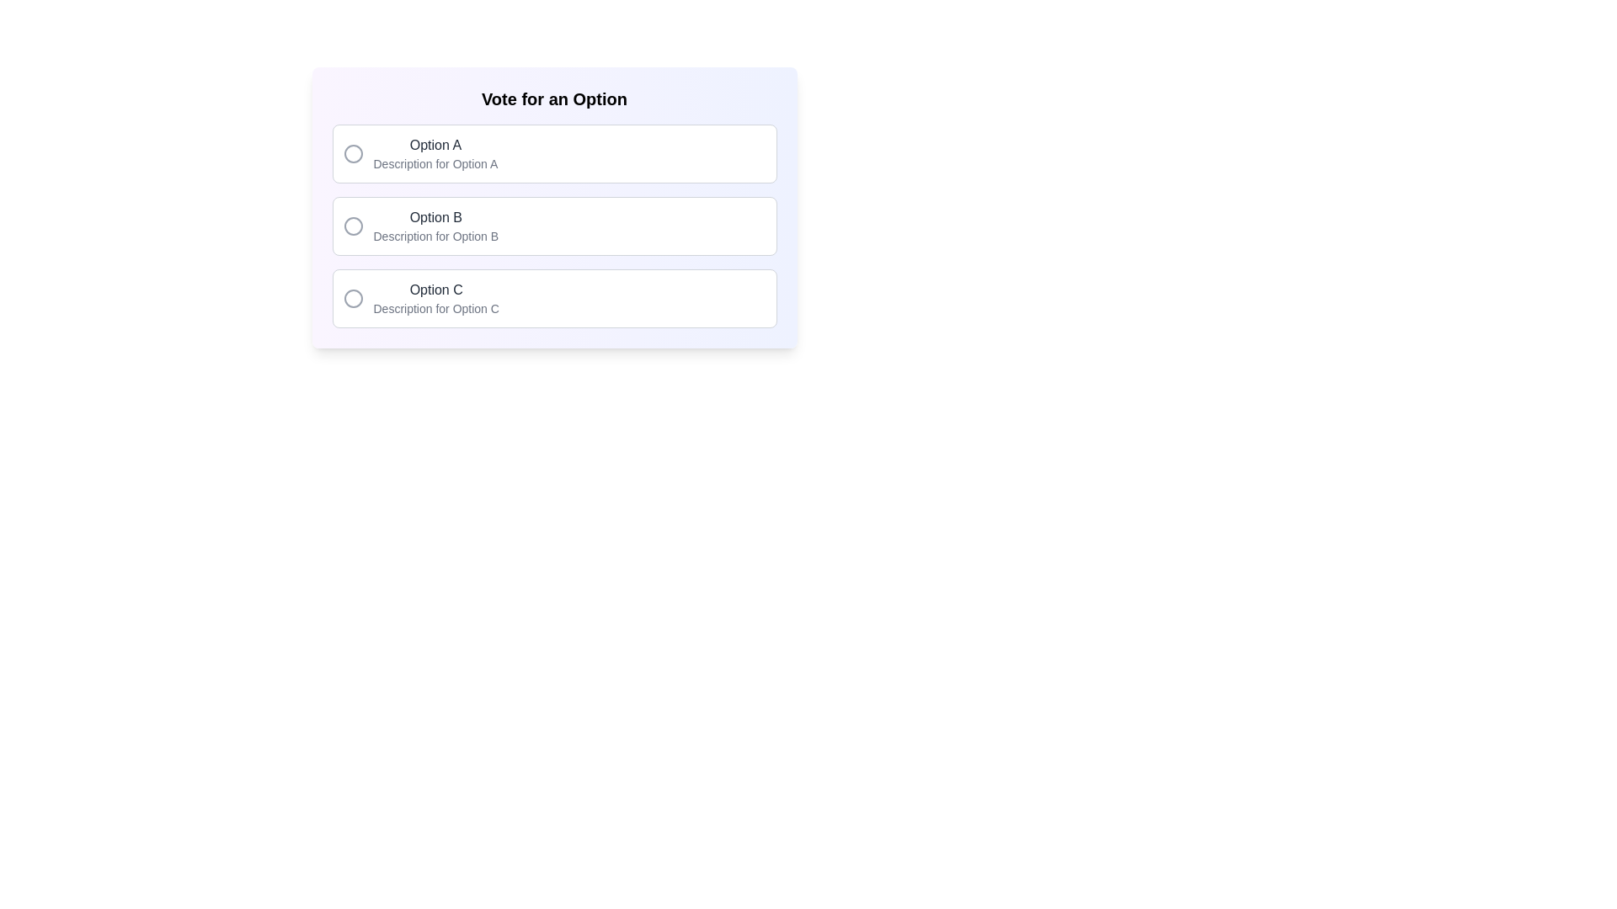  I want to click on the inner circle of the radio button for 'Option B', which visually indicates the selection state when filled, so click(352, 226).